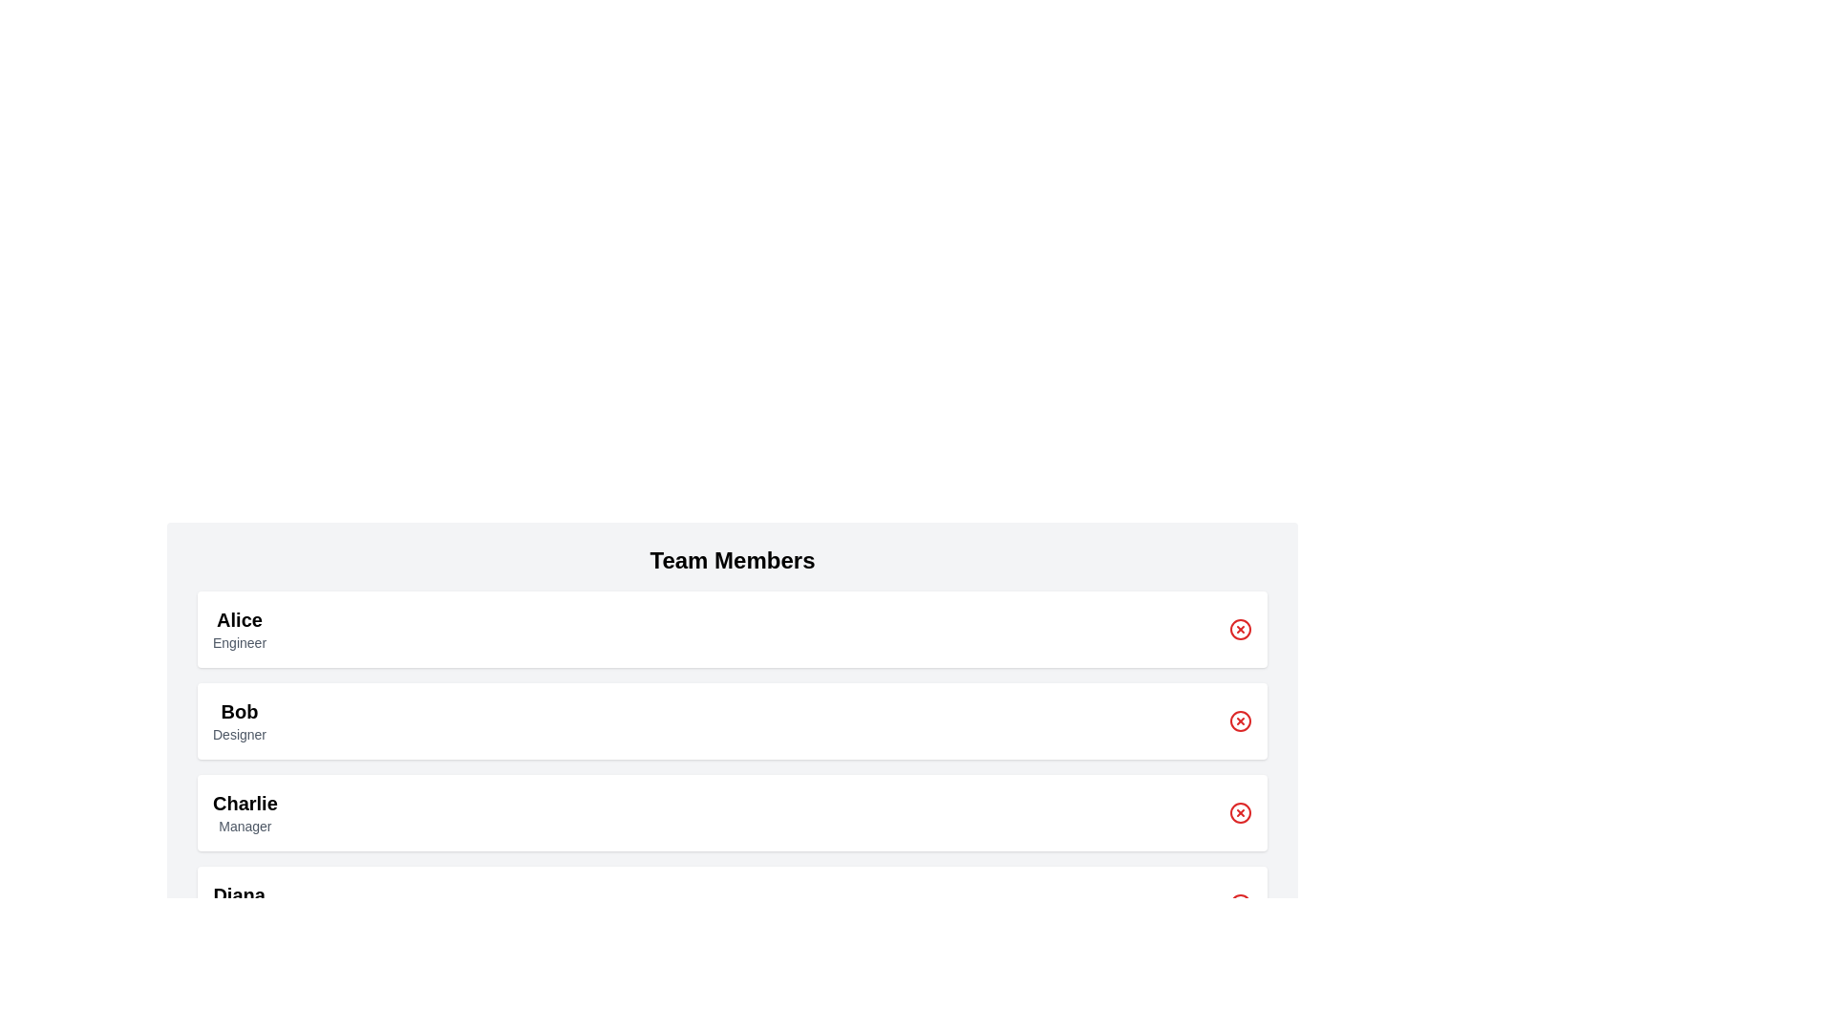 The width and height of the screenshot is (1834, 1032). I want to click on the circular button with a red border and a red 'X' symbol located in the top-right corner of the card displaying 'Alice, Engineer', so click(1241, 630).